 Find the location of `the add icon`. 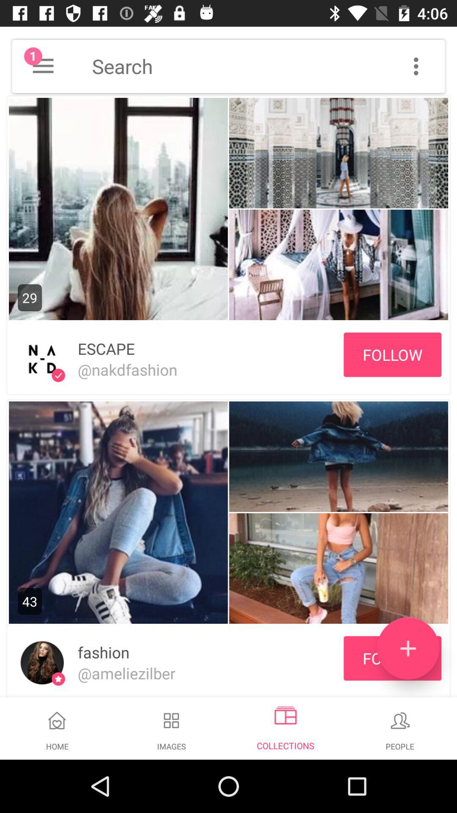

the add icon is located at coordinates (407, 648).